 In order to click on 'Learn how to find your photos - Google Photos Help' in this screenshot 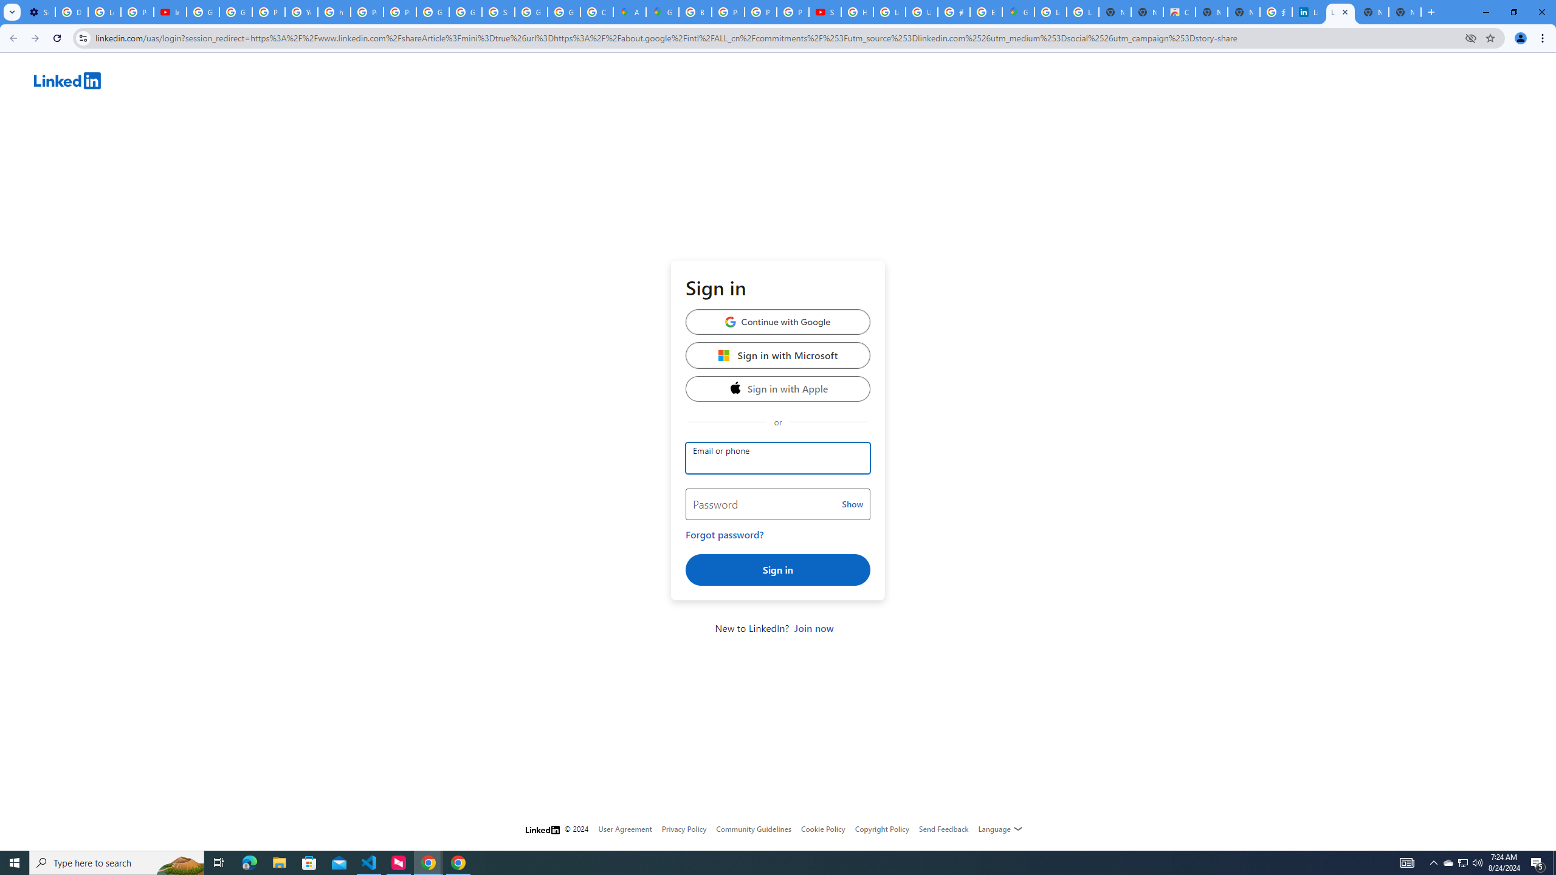, I will do `click(104, 12)`.